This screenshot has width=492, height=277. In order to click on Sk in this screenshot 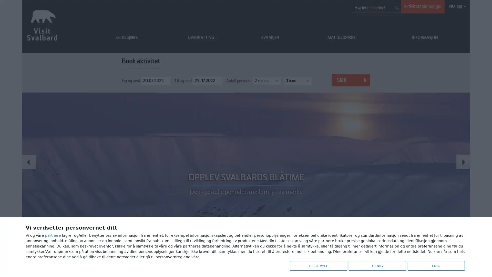, I will do `click(351, 80)`.